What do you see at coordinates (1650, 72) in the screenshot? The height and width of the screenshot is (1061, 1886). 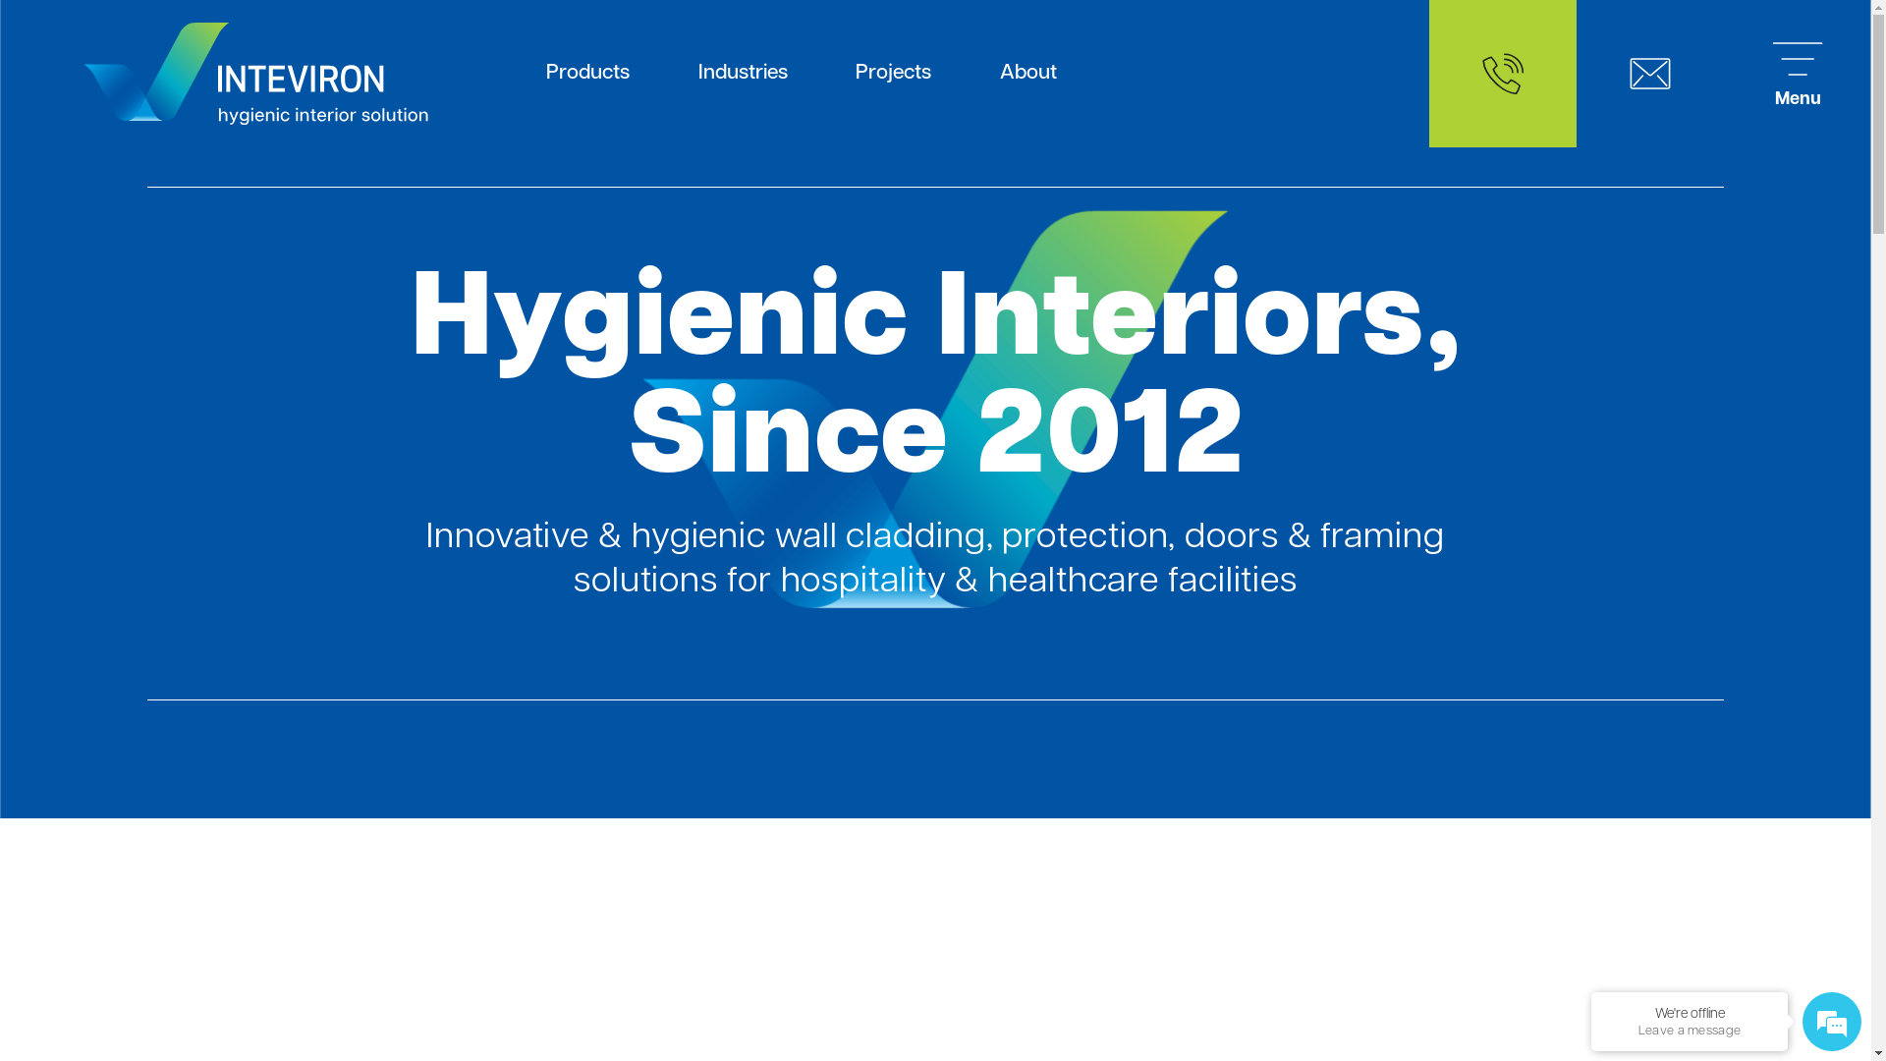 I see `'Contact'` at bounding box center [1650, 72].